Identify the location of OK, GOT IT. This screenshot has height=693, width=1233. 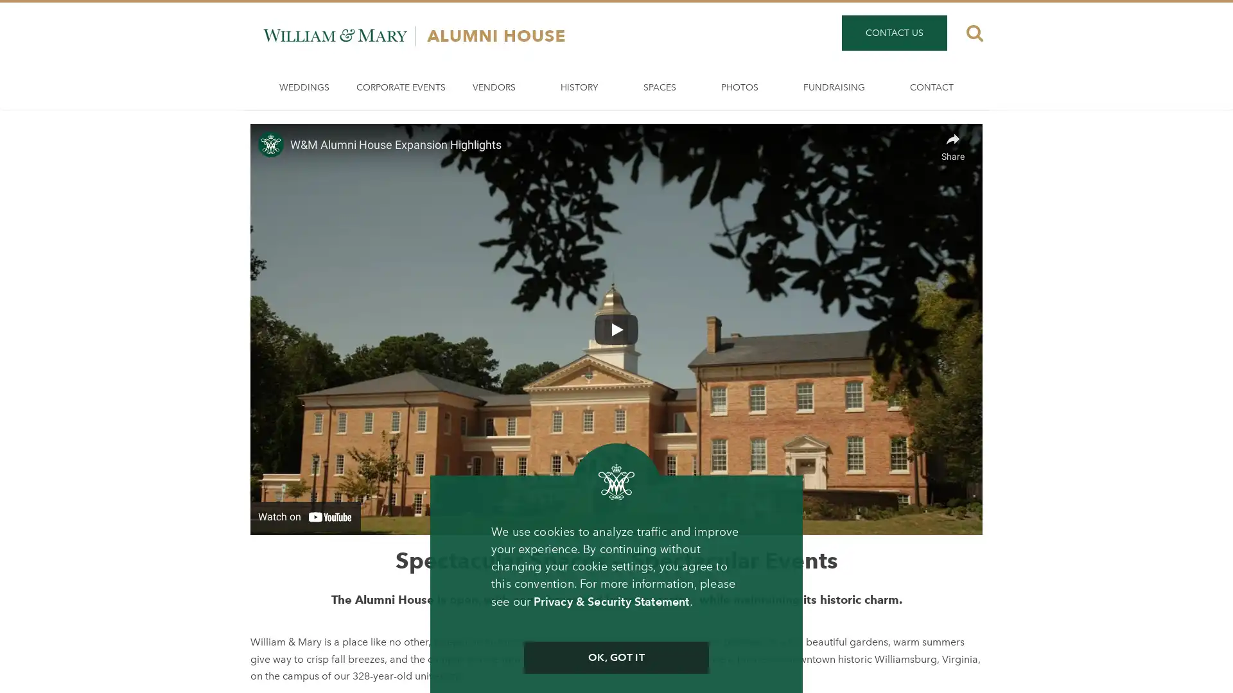
(615, 658).